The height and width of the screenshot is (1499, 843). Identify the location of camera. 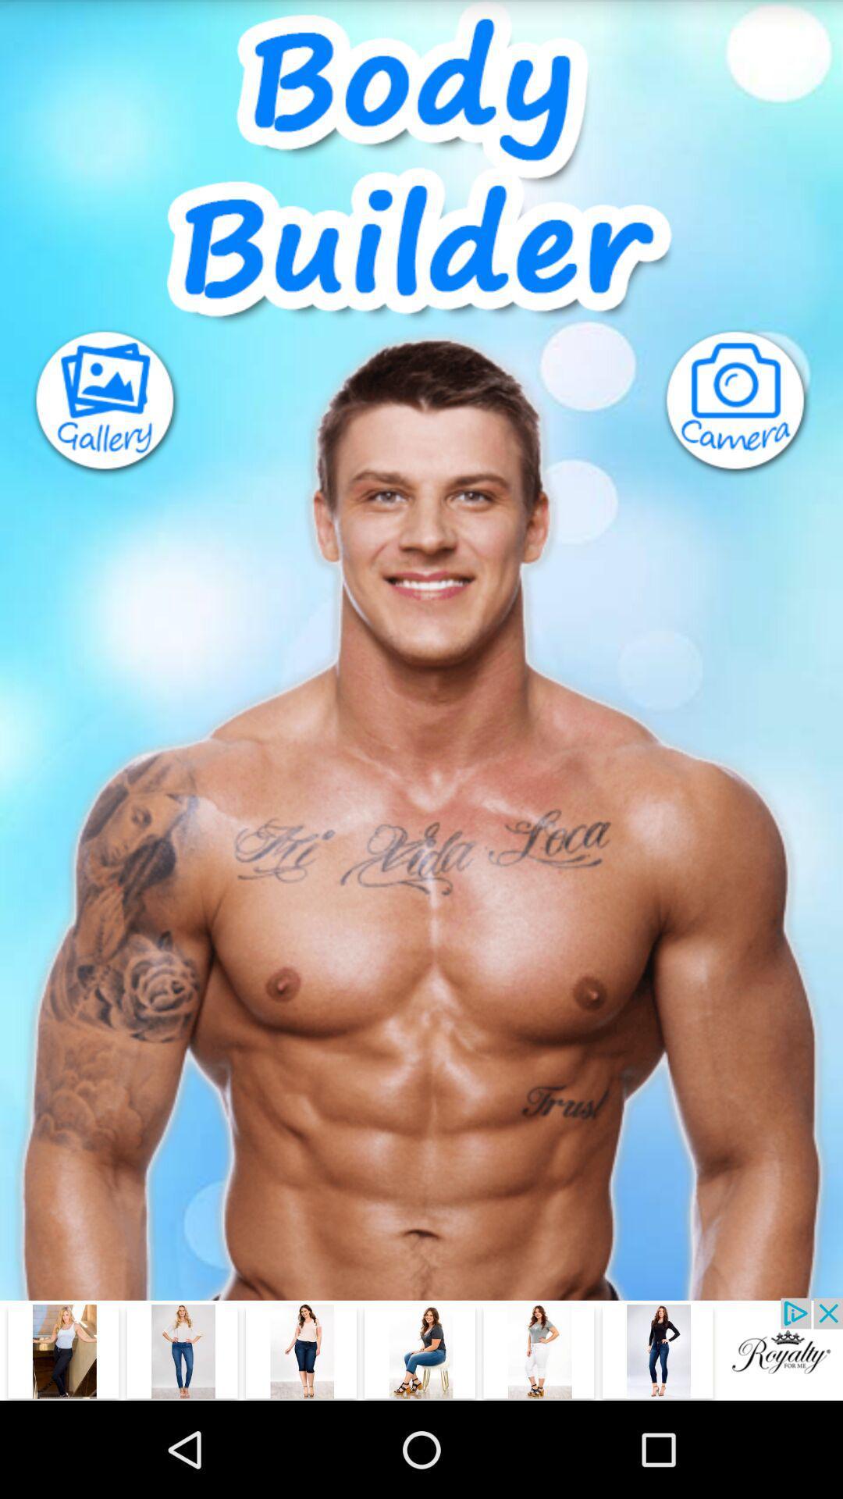
(751, 403).